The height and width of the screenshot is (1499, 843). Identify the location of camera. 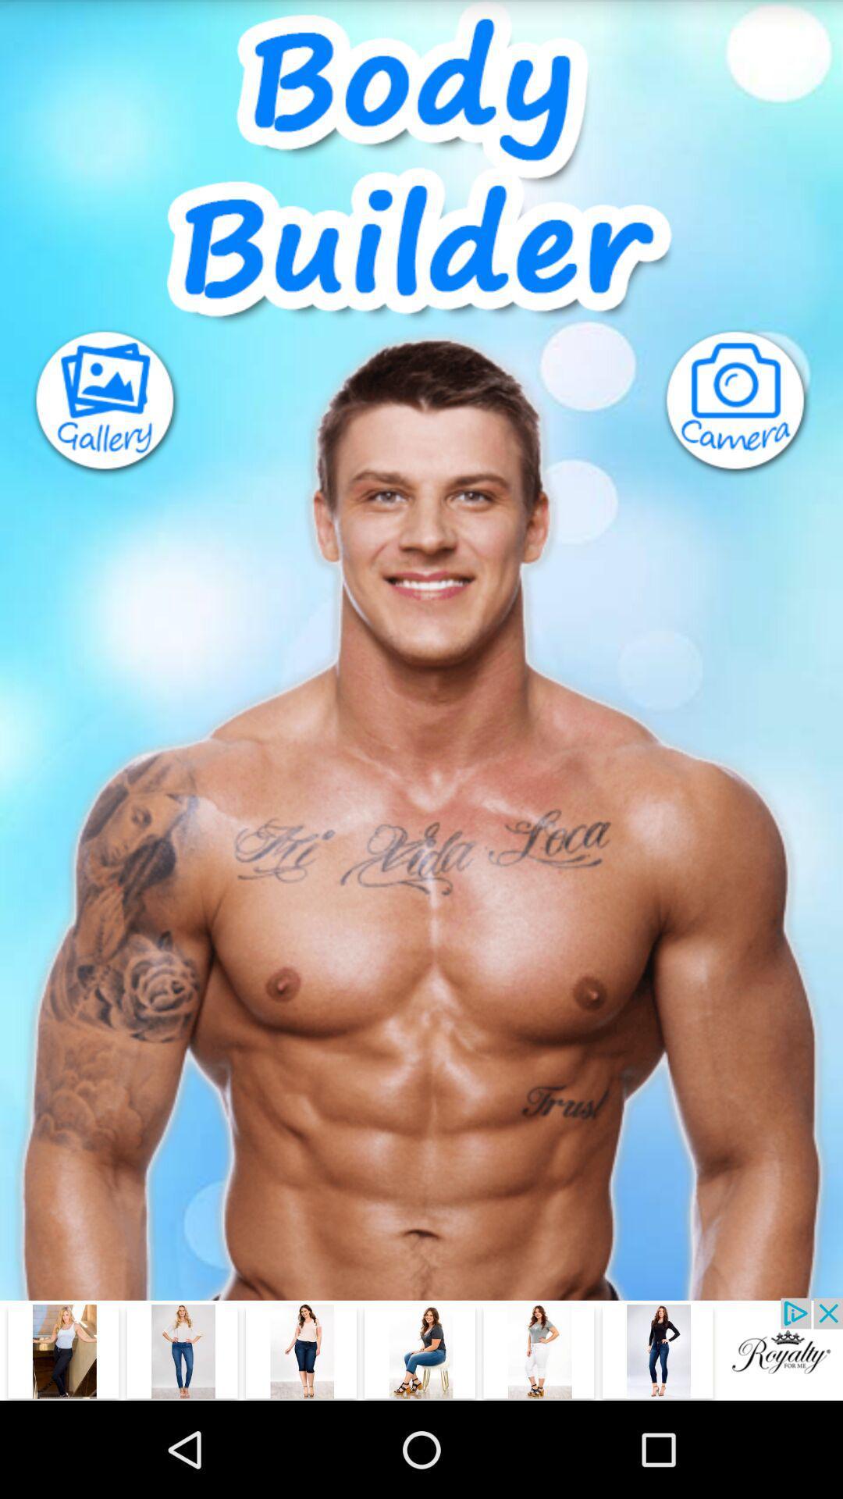
(751, 403).